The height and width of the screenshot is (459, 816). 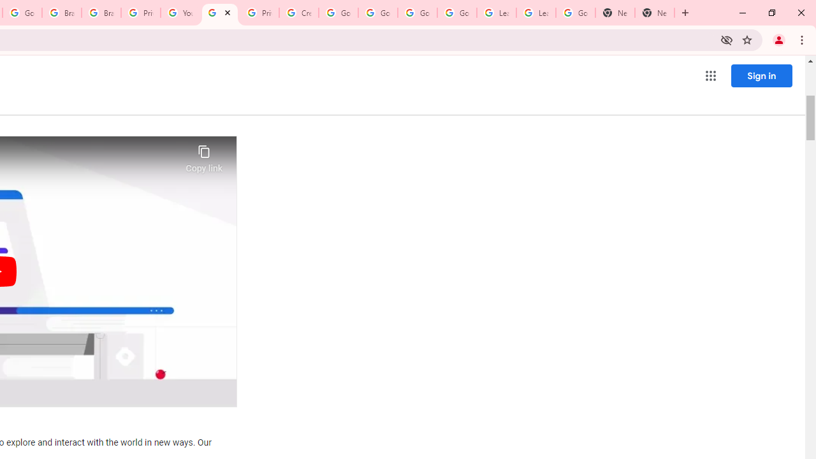 I want to click on 'Google Account', so click(x=575, y=13).